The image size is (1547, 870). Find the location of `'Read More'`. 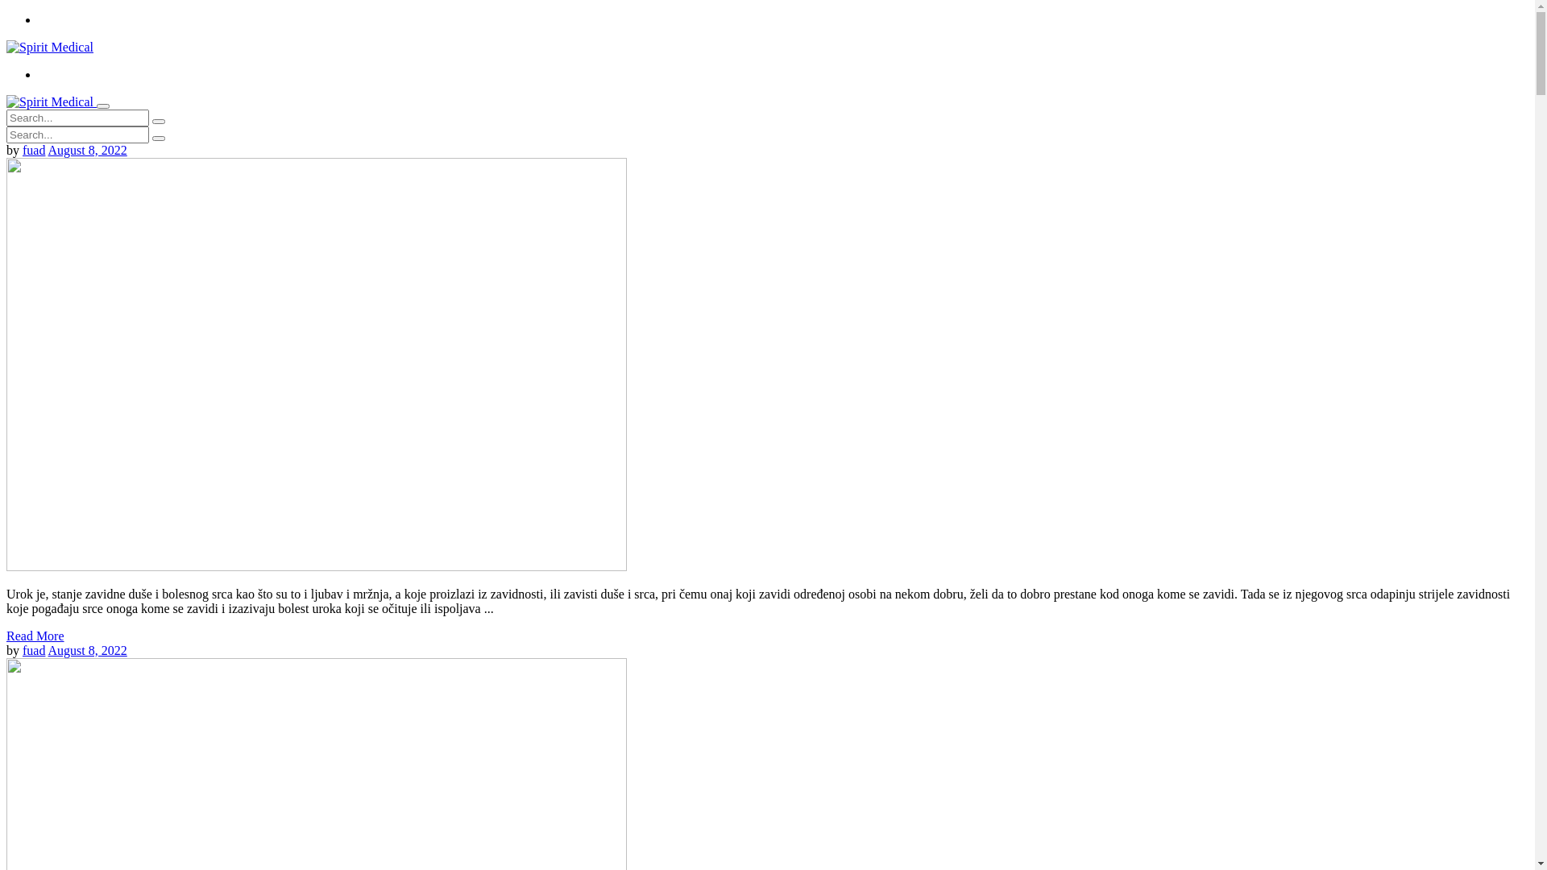

'Read More' is located at coordinates (35, 635).